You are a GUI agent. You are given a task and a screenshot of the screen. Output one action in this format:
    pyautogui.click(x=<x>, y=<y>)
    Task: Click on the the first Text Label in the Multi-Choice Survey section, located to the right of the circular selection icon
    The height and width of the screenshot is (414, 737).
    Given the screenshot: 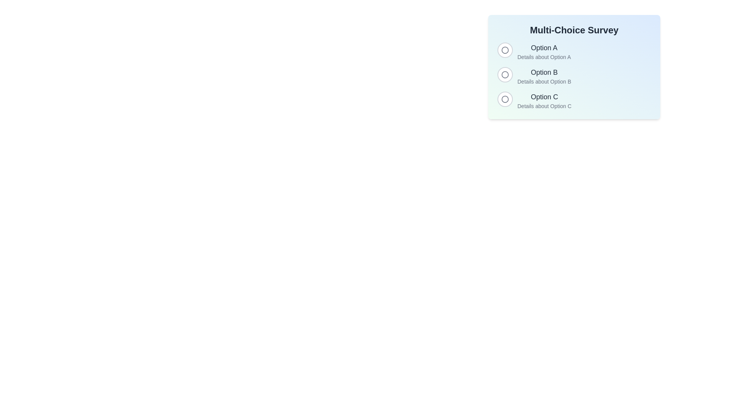 What is the action you would take?
    pyautogui.click(x=544, y=52)
    